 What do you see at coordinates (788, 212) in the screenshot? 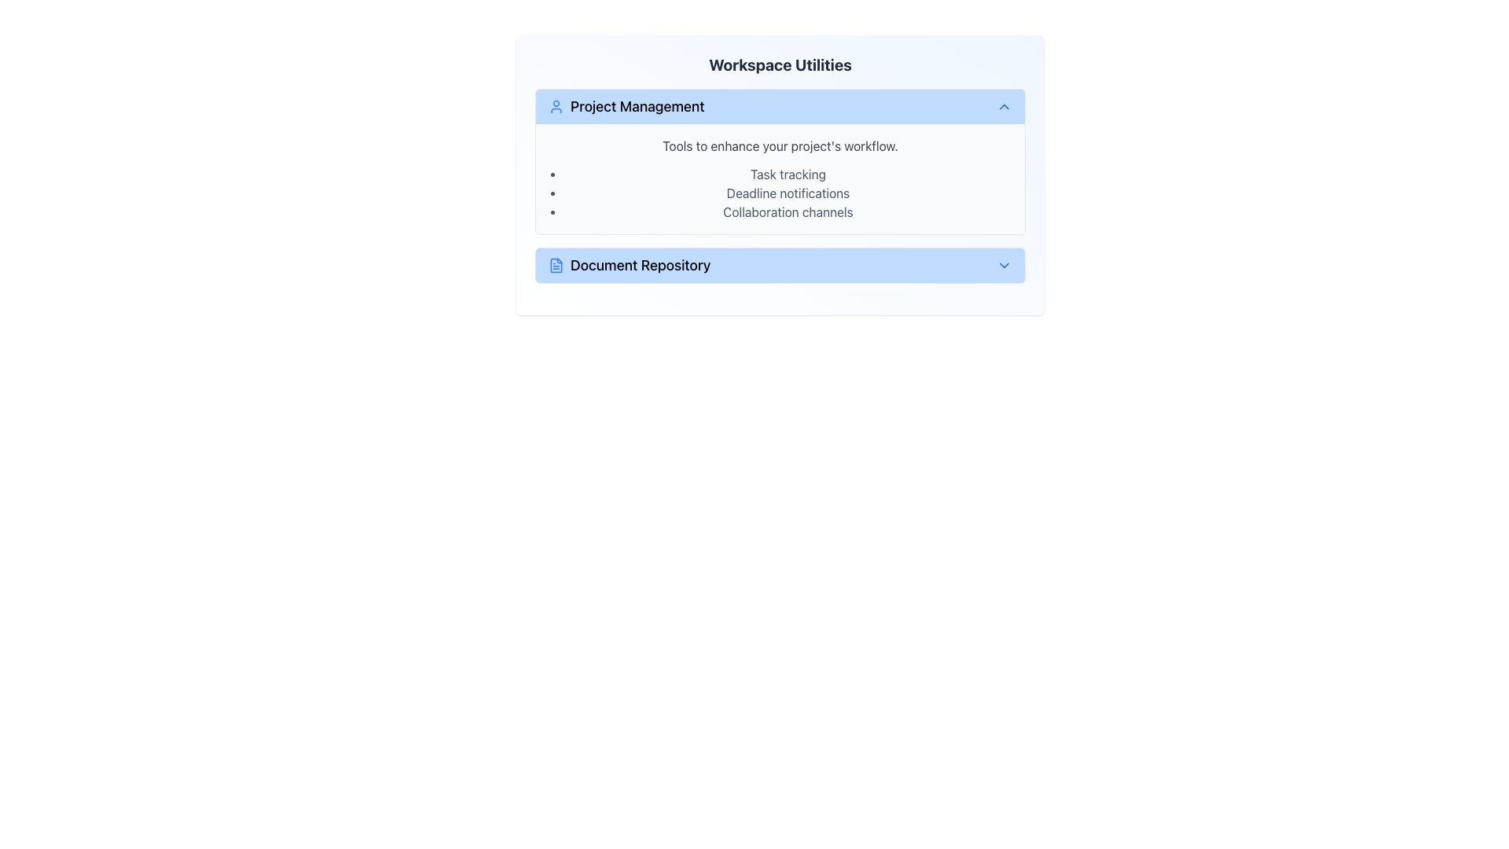
I see `the 'Collaboration channels' text label, which is the third item in the vertical bulleted list in the 'Project Management' section` at bounding box center [788, 212].